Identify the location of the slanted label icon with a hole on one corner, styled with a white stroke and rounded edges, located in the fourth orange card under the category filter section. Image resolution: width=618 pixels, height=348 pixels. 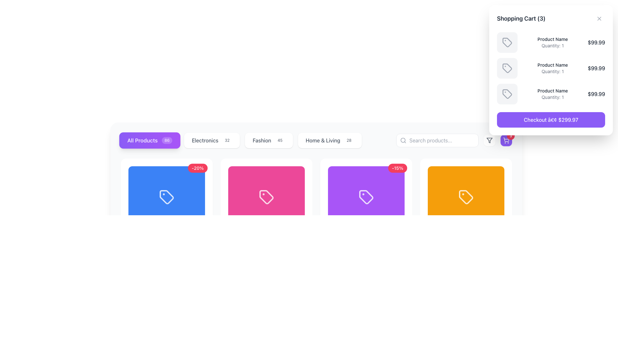
(466, 197).